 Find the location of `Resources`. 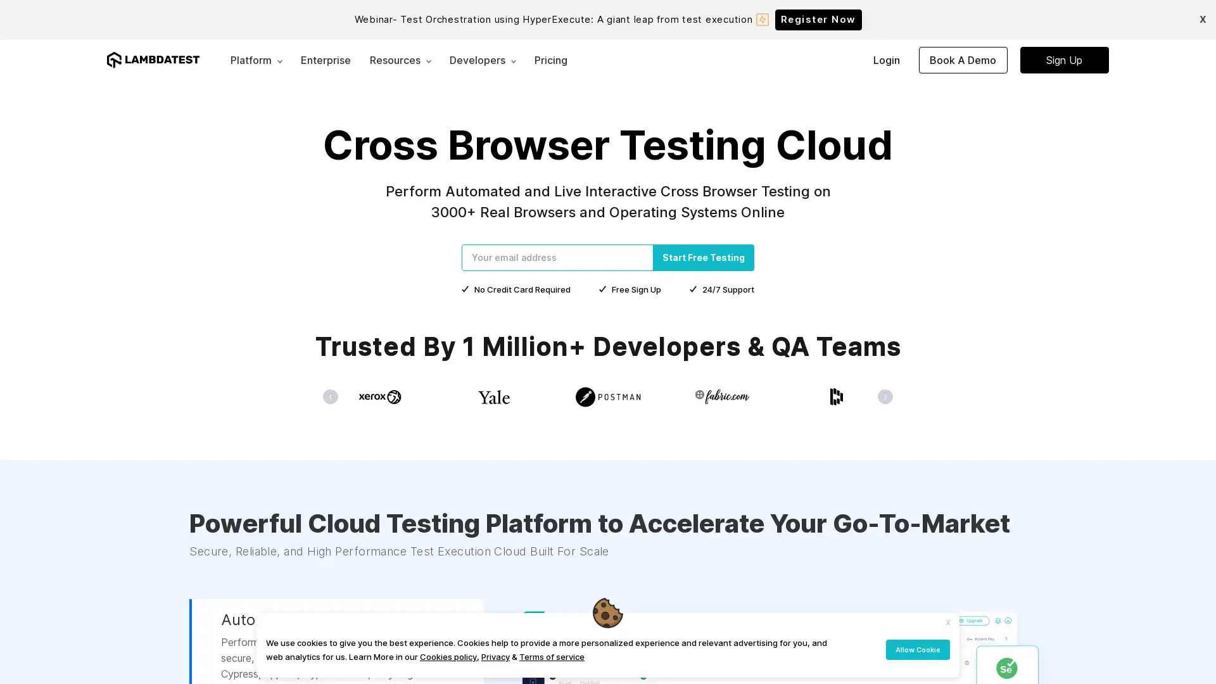

Resources is located at coordinates (400, 59).